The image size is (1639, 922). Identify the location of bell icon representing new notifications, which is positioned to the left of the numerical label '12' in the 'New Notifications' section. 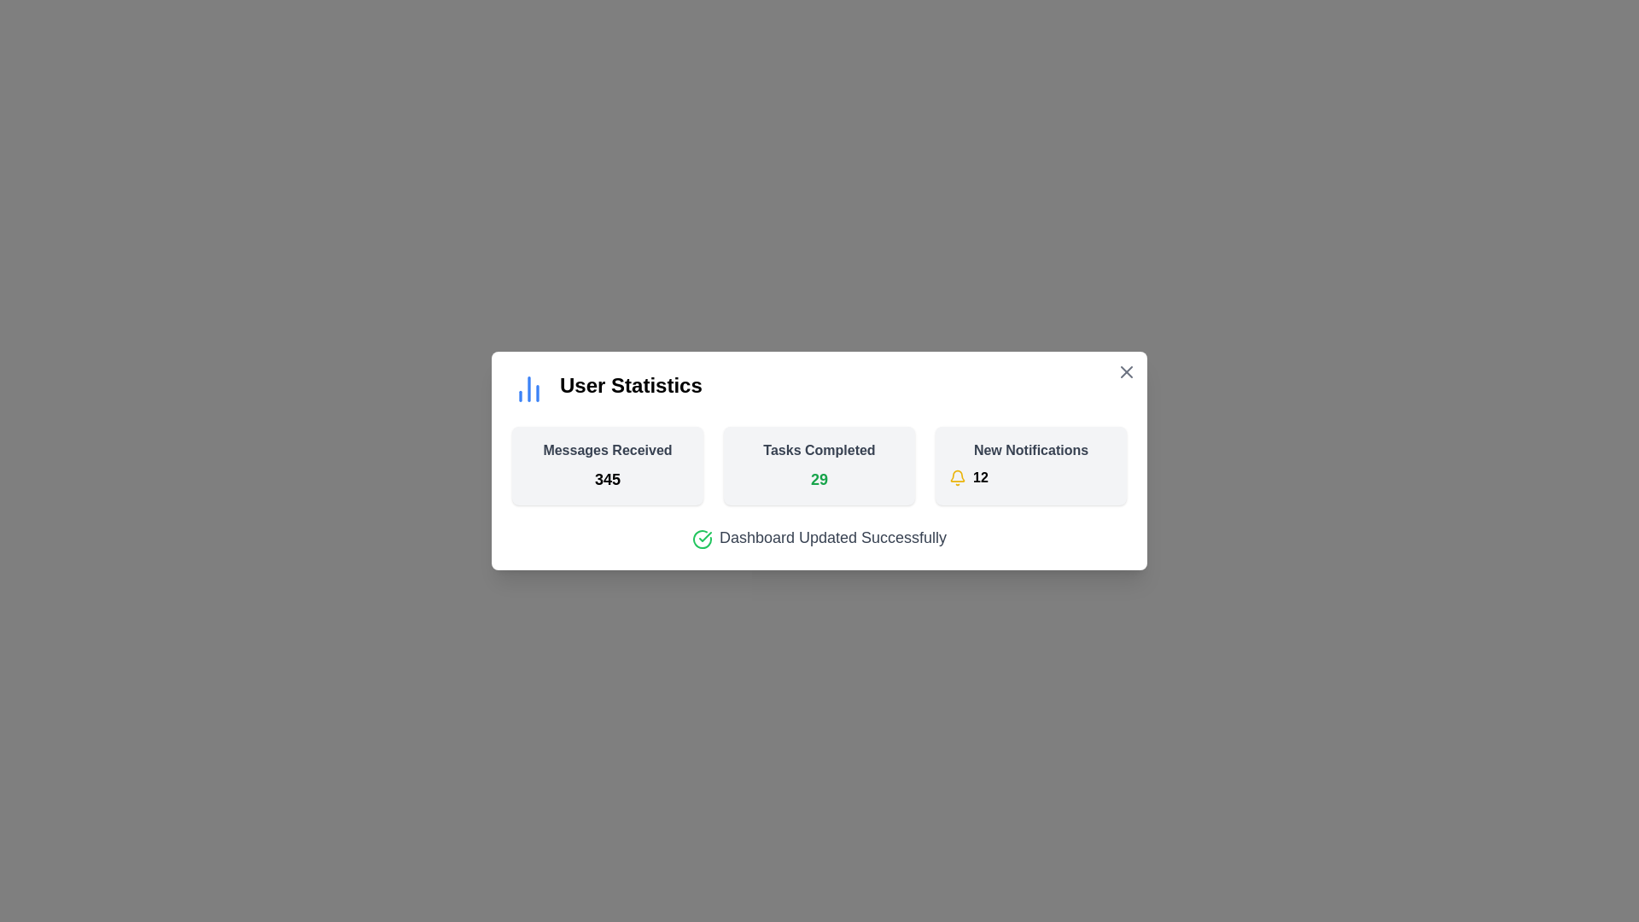
(958, 477).